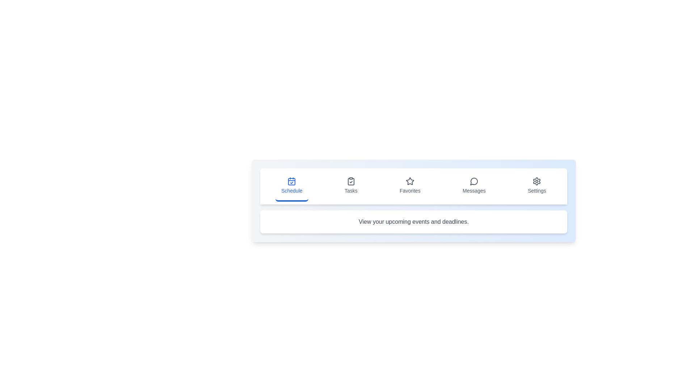 Image resolution: width=695 pixels, height=391 pixels. I want to click on the icon corresponding to Favorites, so click(410, 186).